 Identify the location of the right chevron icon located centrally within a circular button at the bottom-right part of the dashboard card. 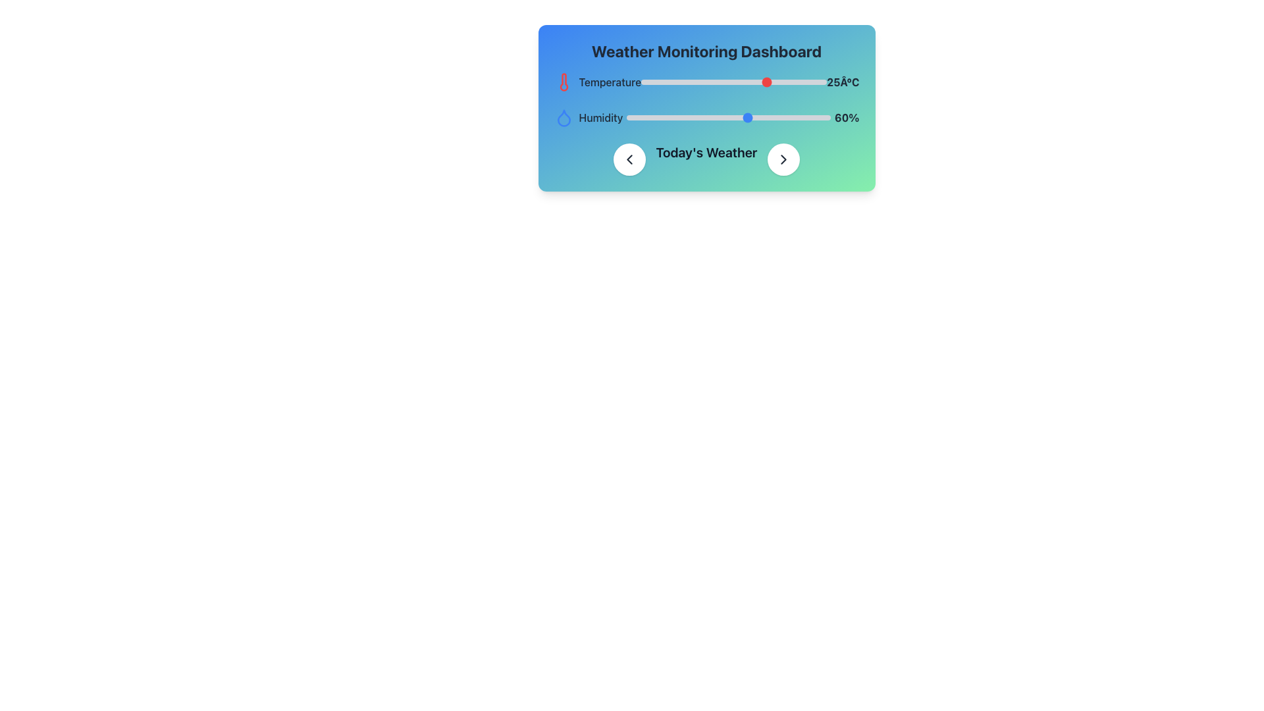
(783, 159).